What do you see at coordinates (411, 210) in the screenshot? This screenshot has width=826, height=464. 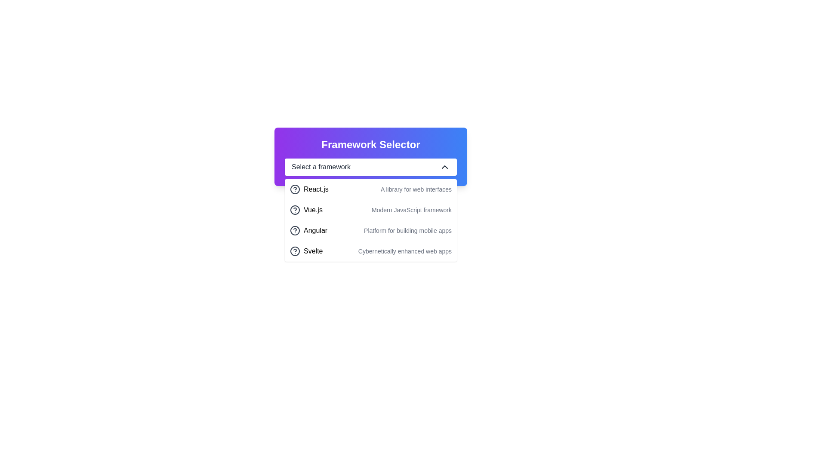 I see `the static text label displaying 'Modern JavaScript framework' located below 'Vue.js' in the framework selection menu` at bounding box center [411, 210].